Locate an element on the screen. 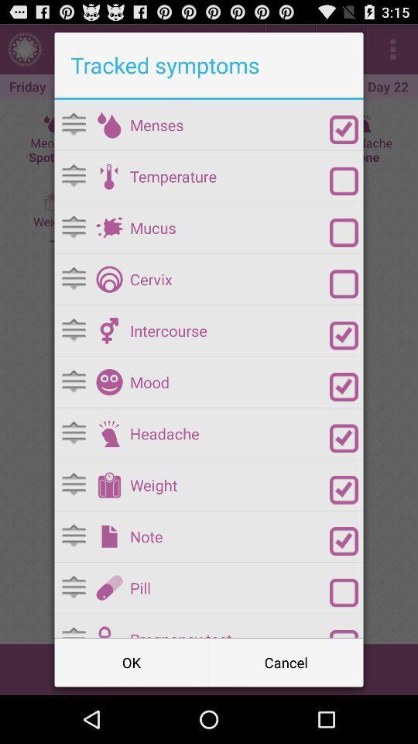  fever is located at coordinates (344, 181).